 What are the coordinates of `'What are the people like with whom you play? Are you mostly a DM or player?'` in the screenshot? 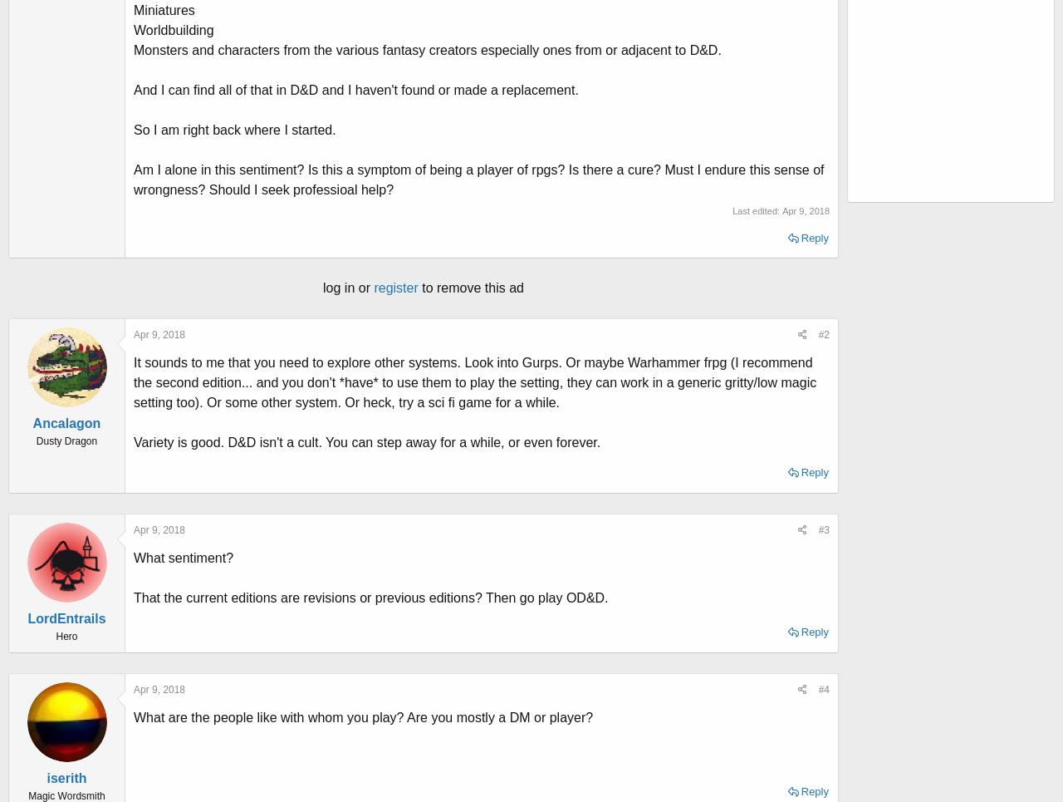 It's located at (362, 716).